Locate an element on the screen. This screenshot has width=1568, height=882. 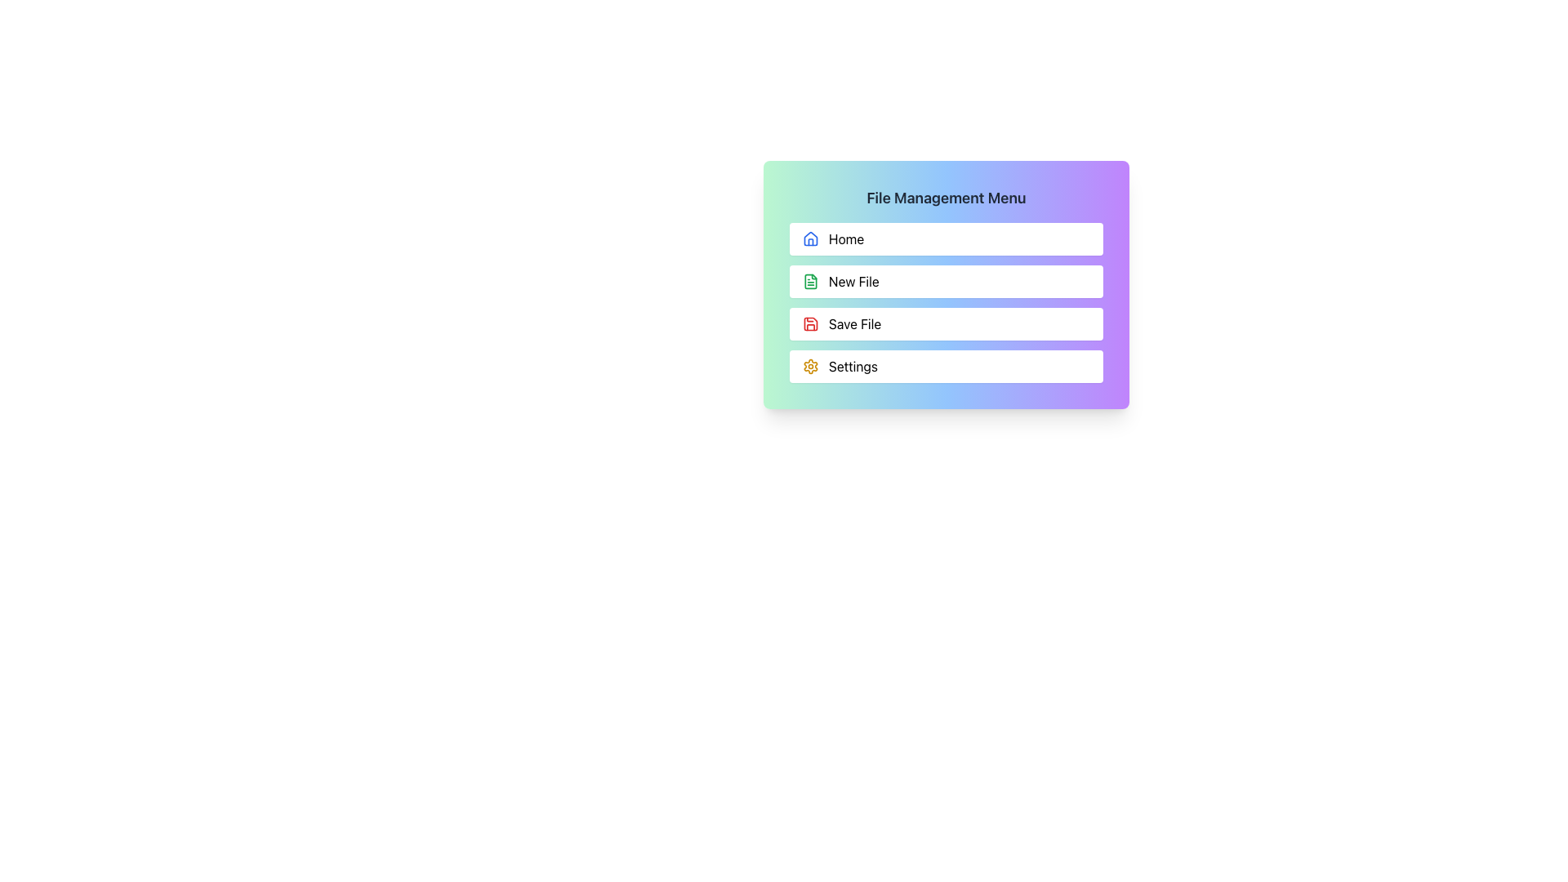
the leftmost icon of the 'Settings' button, which is the fourth entry in the 'File Management Menu' is located at coordinates (811, 365).